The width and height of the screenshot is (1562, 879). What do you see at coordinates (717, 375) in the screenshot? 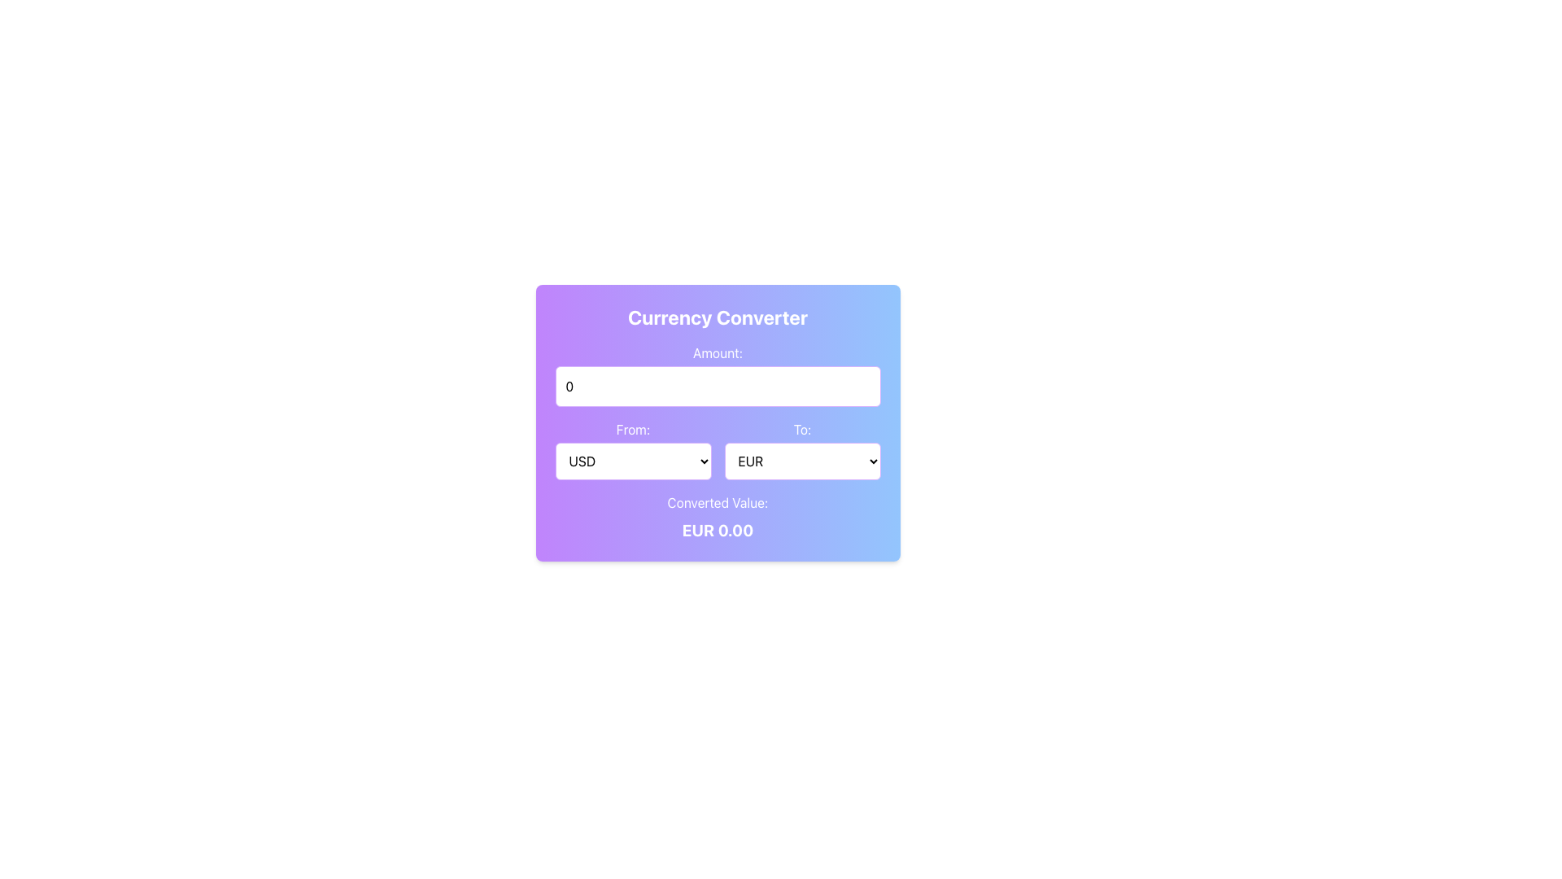
I see `the input field labeled 'Amount:' to indicate focus for user interaction` at bounding box center [717, 375].